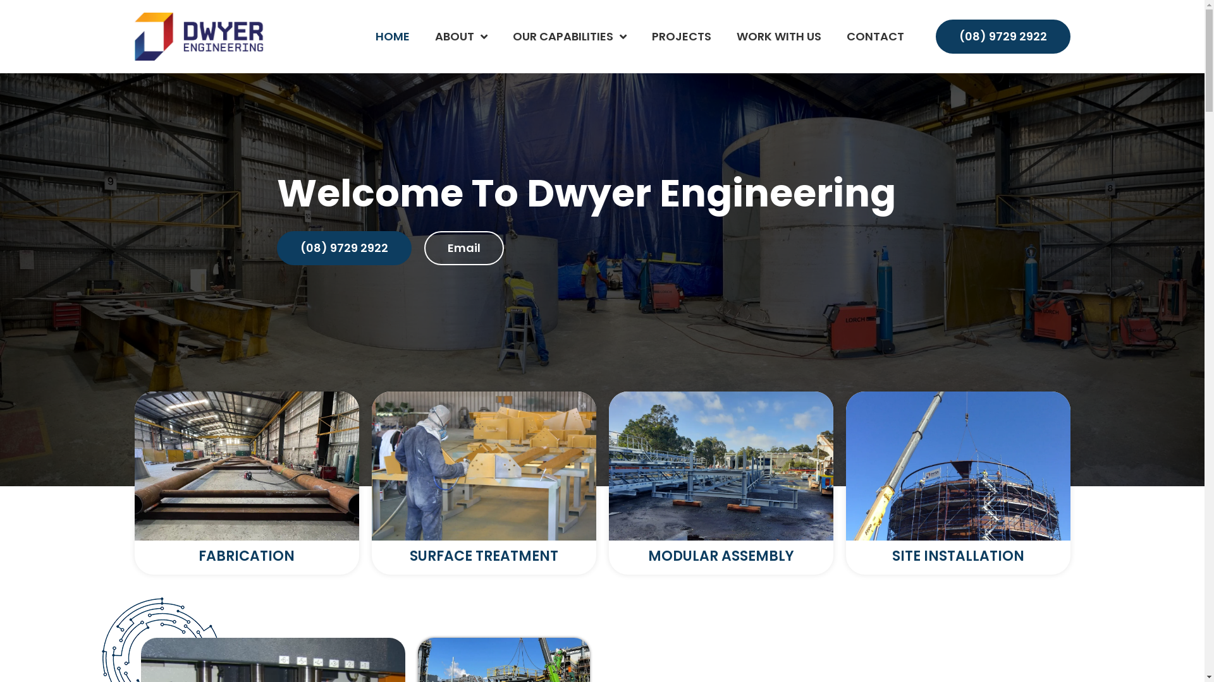  Describe the element at coordinates (460, 35) in the screenshot. I see `'ABOUT'` at that location.